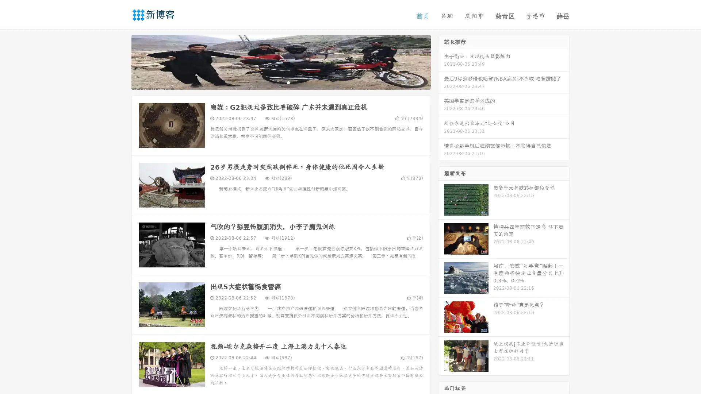  Describe the element at coordinates (273, 82) in the screenshot. I see `Go to slide 1` at that location.